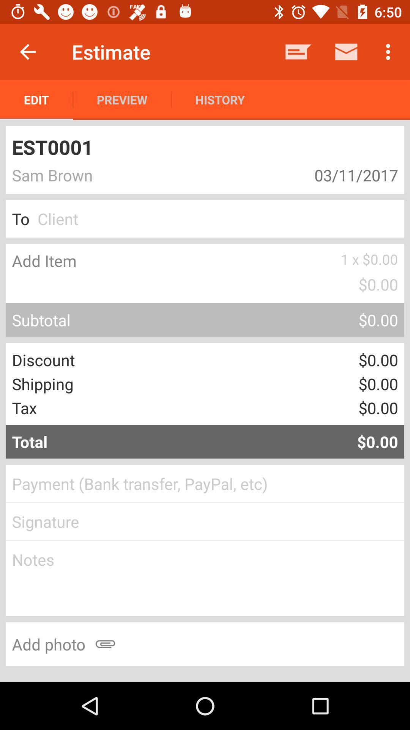 This screenshot has width=410, height=730. What do you see at coordinates (205, 578) in the screenshot?
I see `type notes` at bounding box center [205, 578].